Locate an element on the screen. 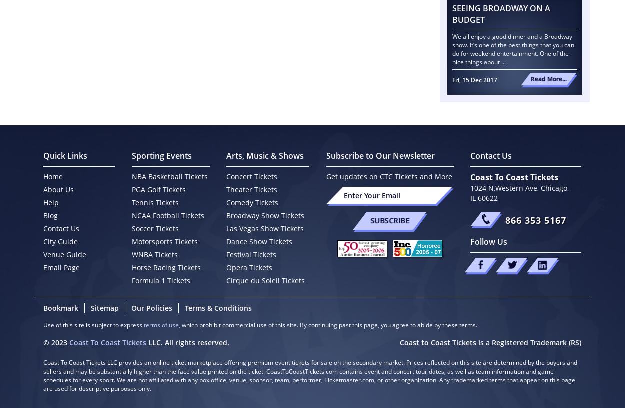  'Our Policies' is located at coordinates (151, 308).